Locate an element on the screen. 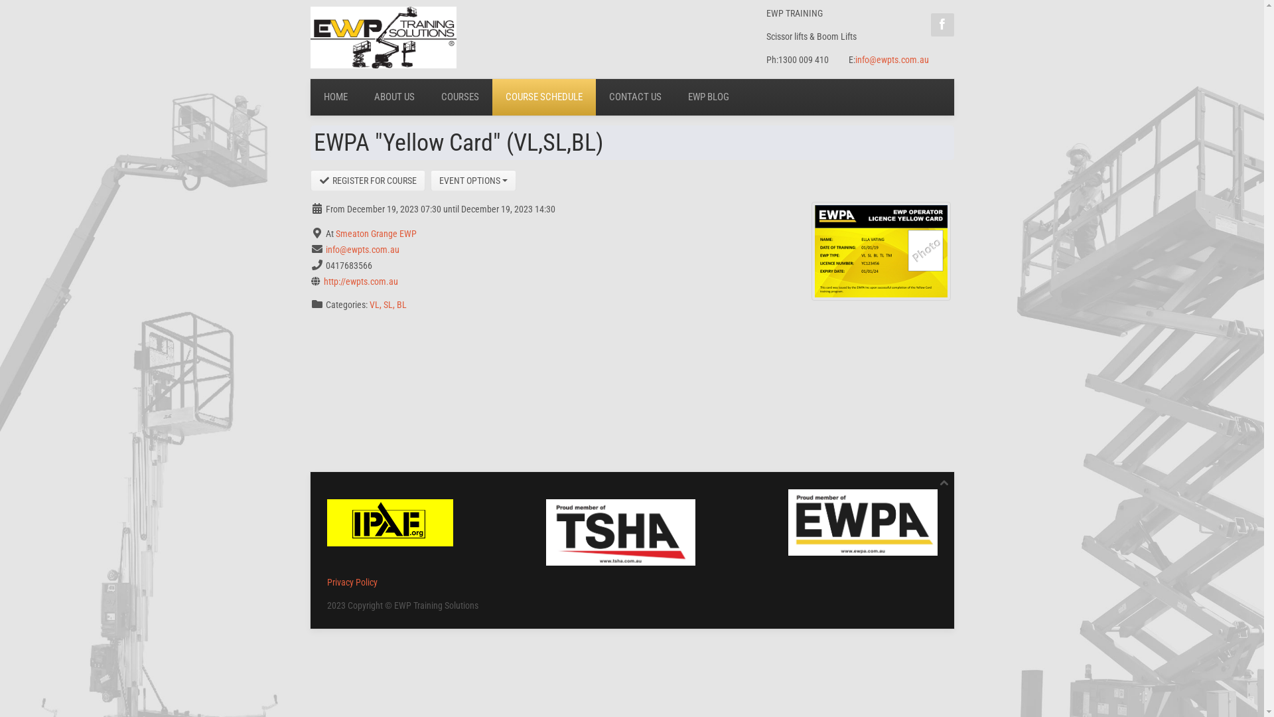 The width and height of the screenshot is (1274, 717). 'Smeaton Grange EWP' is located at coordinates (375, 232).